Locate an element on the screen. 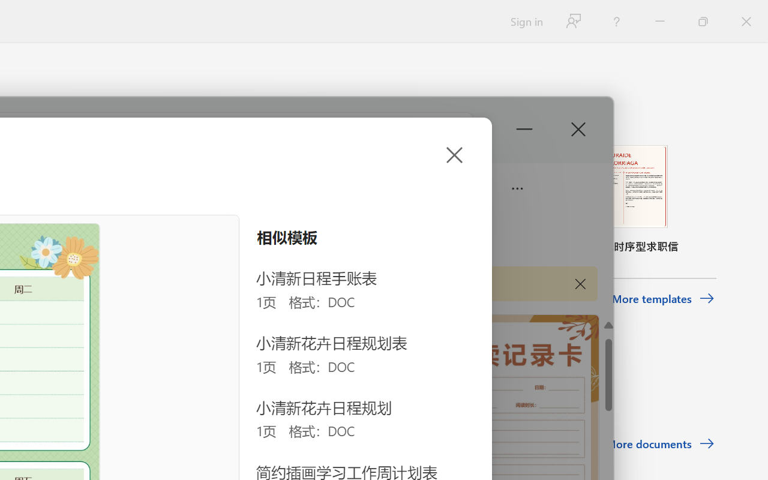 The image size is (768, 480). 'Sign in' is located at coordinates (526, 20).